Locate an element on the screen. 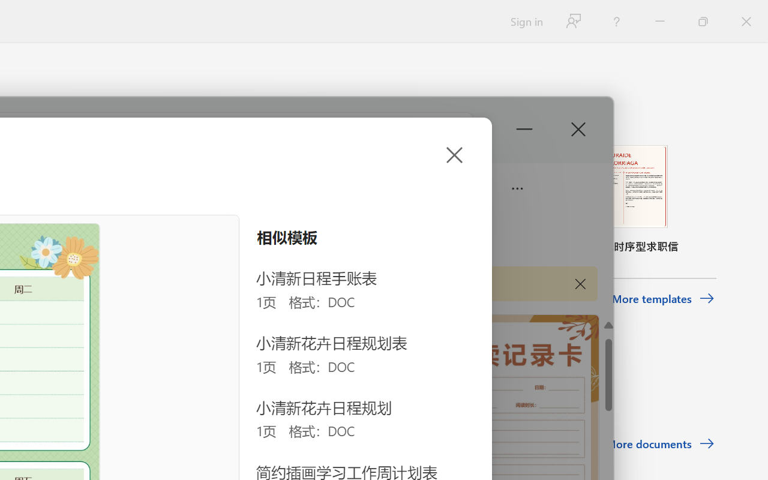 The image size is (768, 480). 'Sign in' is located at coordinates (526, 20).